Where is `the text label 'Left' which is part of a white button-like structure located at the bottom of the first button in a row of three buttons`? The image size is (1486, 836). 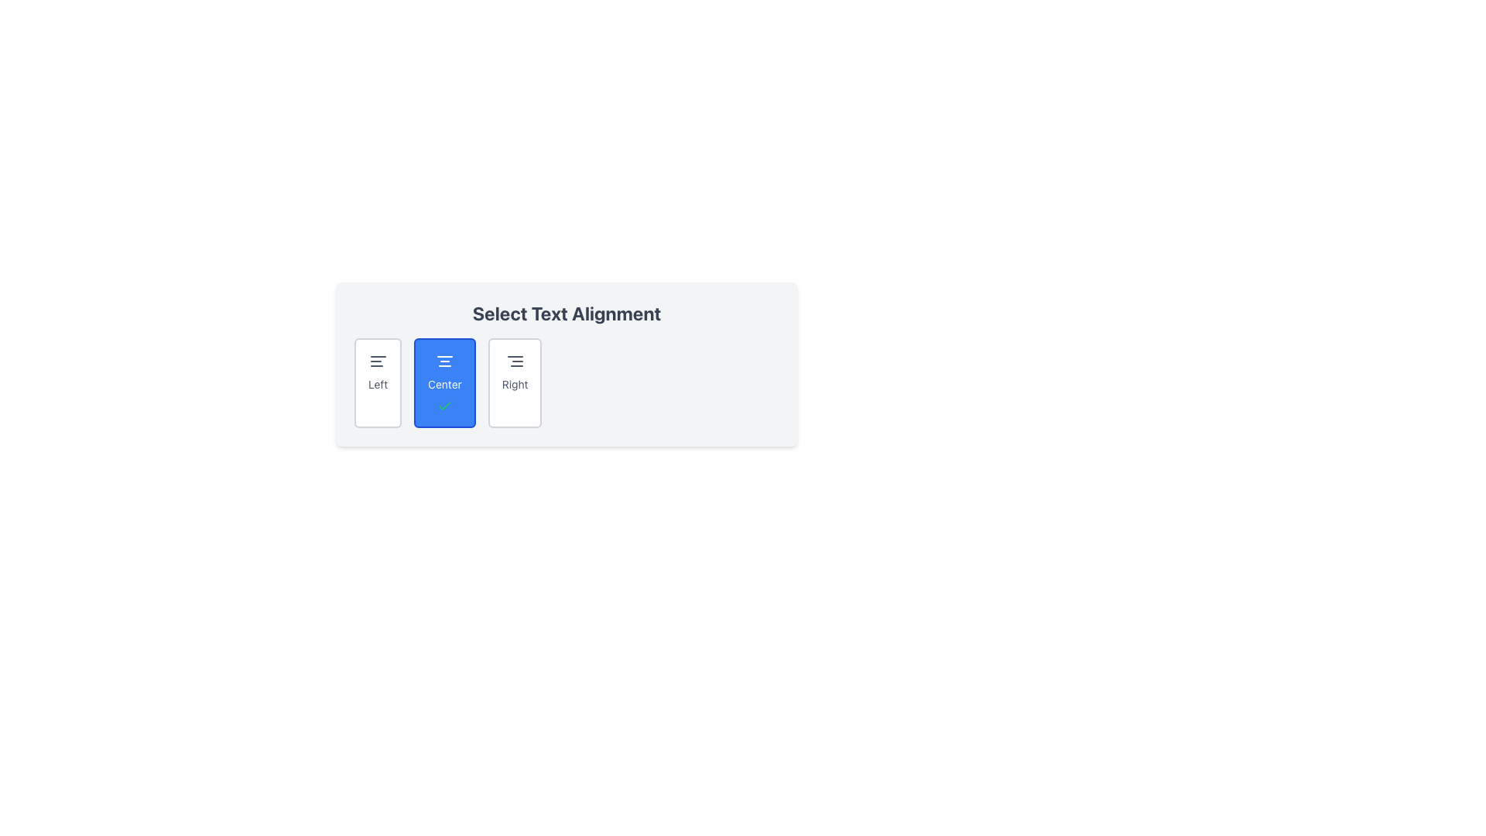 the text label 'Left' which is part of a white button-like structure located at the bottom of the first button in a row of three buttons is located at coordinates (378, 384).